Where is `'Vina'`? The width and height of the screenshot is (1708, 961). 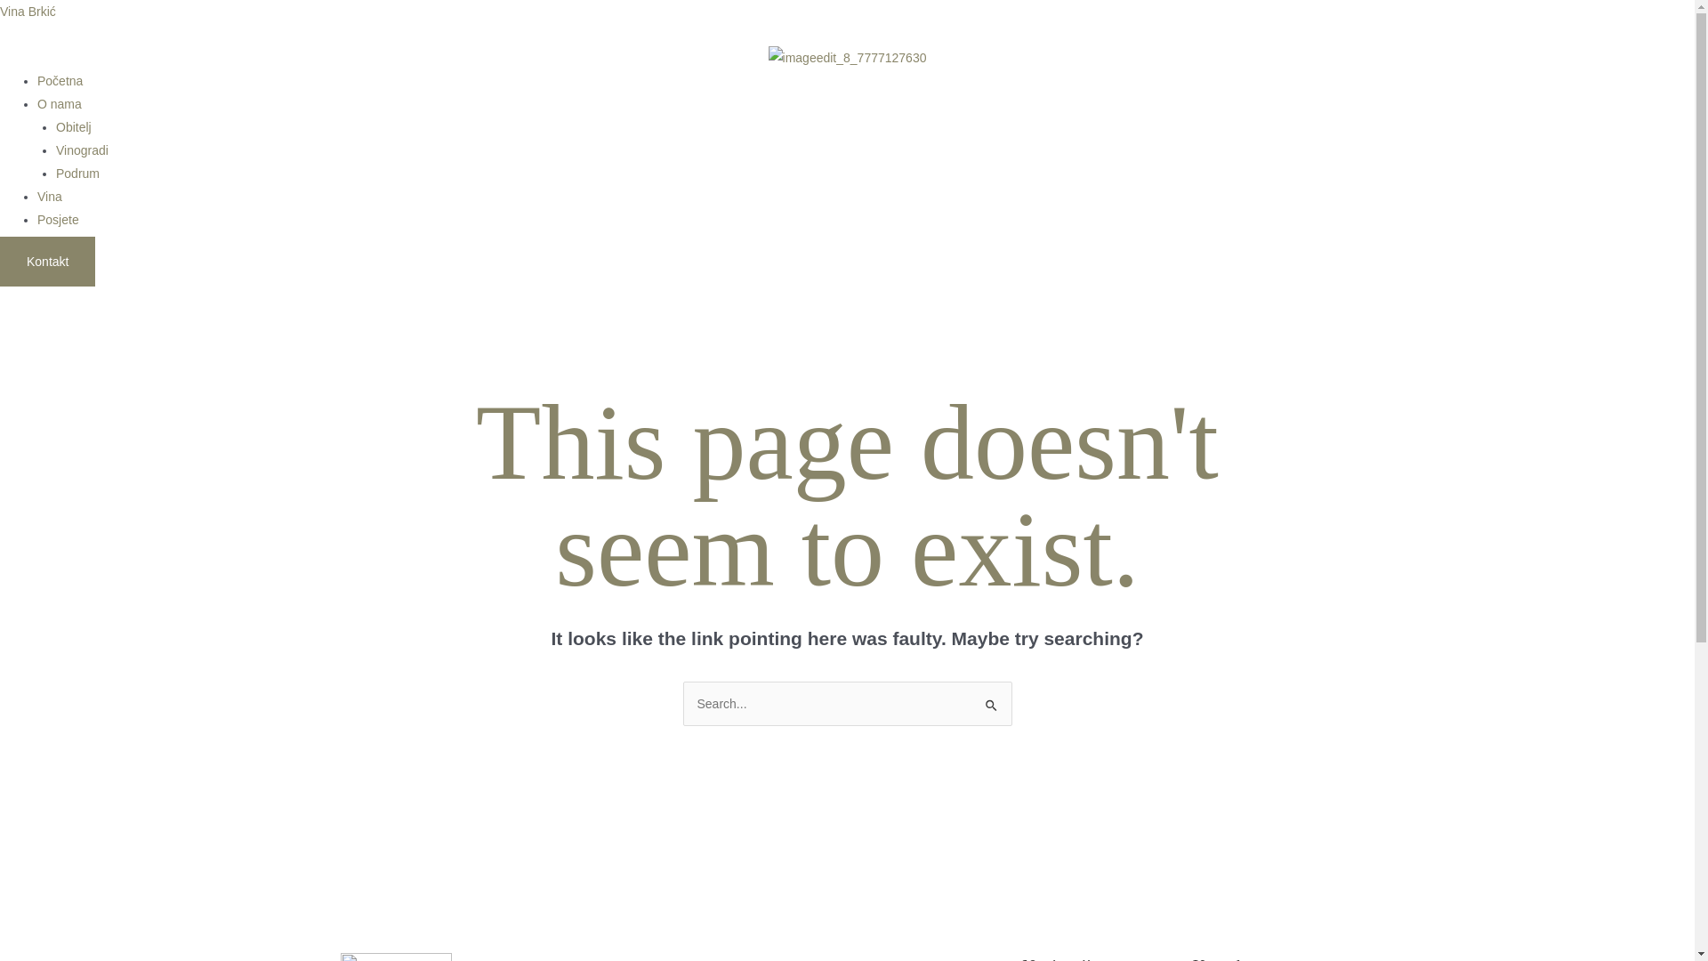
'Vina' is located at coordinates (50, 196).